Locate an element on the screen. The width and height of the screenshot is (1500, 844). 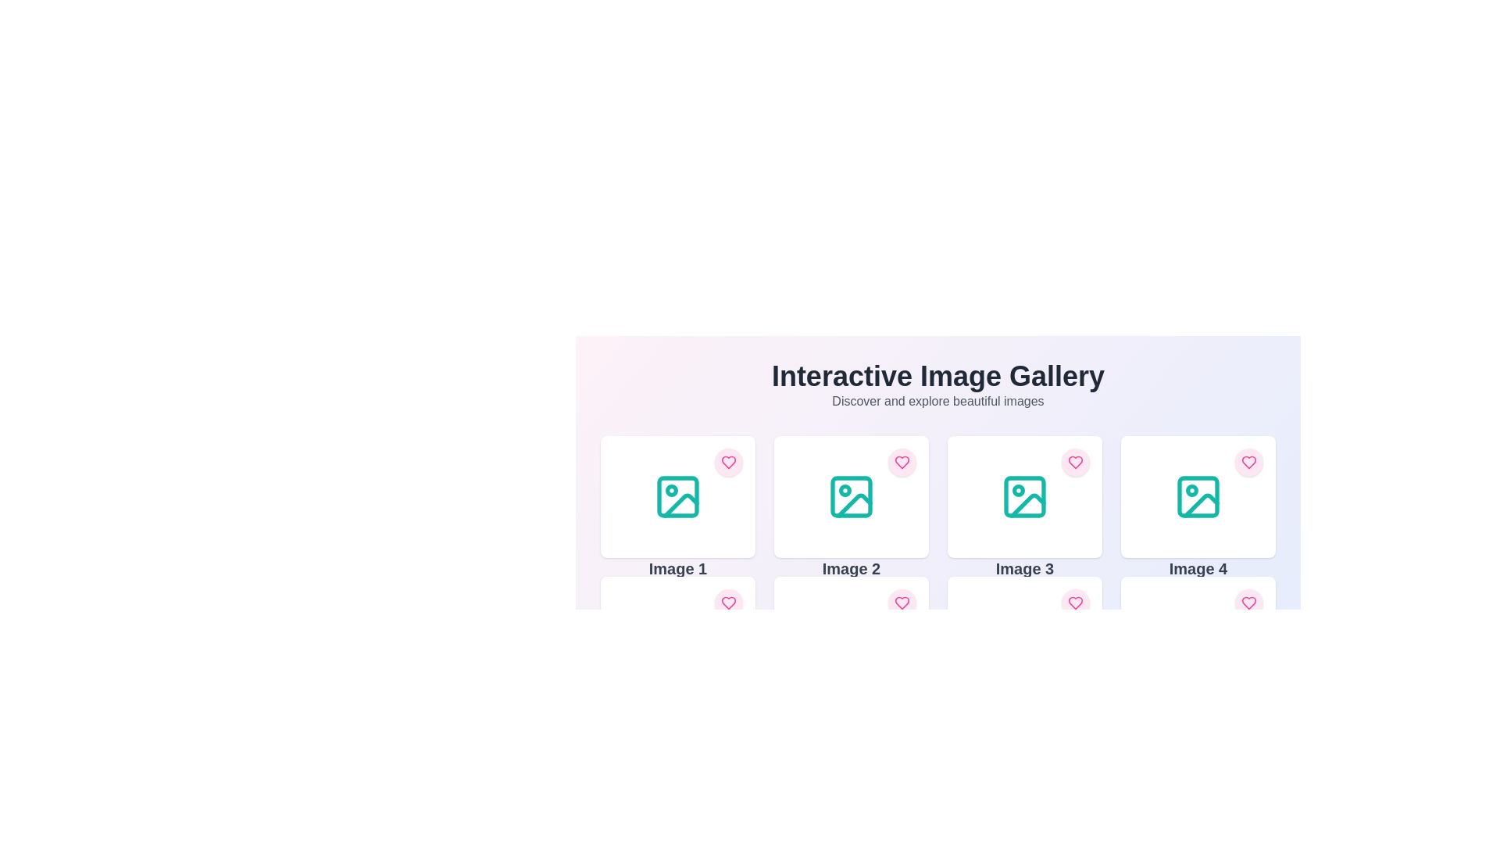
the like or favorite icon button located in the top right corner of the fourth image in the gallery to favorite the item is located at coordinates (1248, 461).